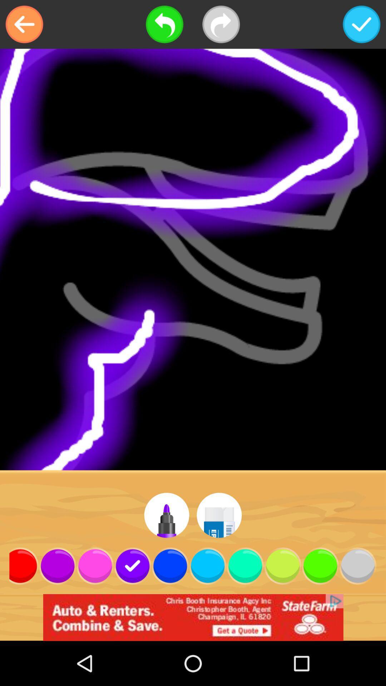 This screenshot has height=686, width=386. I want to click on the icon at the top right corner, so click(361, 24).